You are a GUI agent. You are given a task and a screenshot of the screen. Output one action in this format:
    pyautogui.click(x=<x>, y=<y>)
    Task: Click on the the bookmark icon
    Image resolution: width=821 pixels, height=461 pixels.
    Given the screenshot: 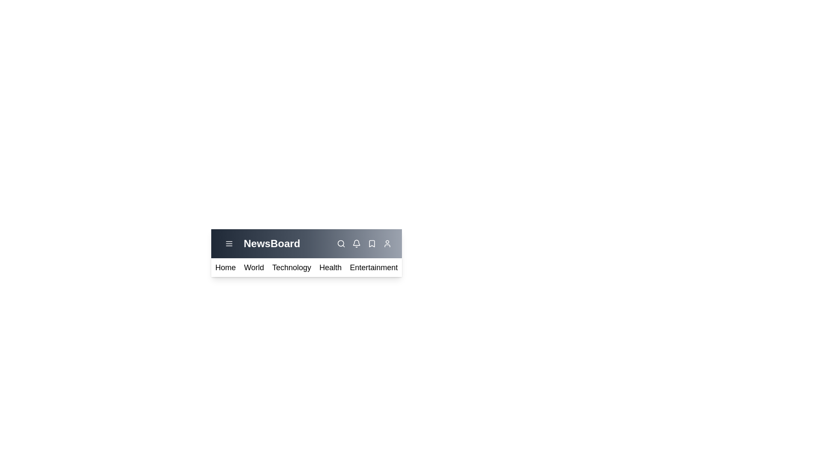 What is the action you would take?
    pyautogui.click(x=372, y=243)
    